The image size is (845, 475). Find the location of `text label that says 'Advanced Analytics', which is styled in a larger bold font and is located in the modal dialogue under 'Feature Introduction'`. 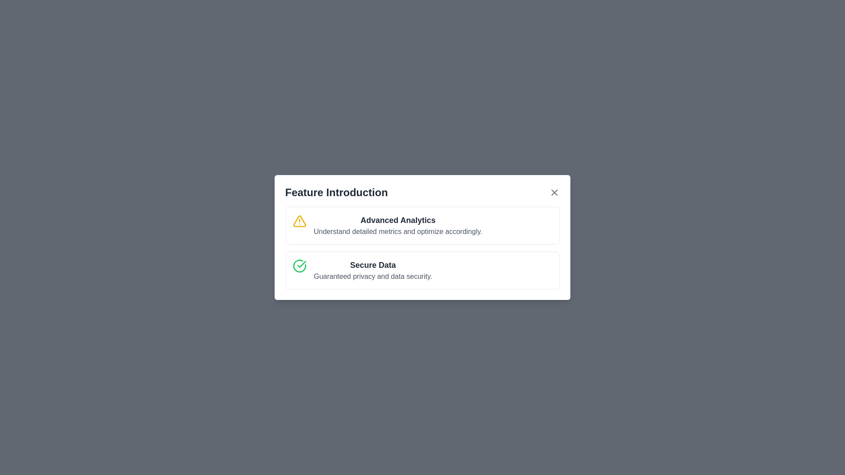

text label that says 'Advanced Analytics', which is styled in a larger bold font and is located in the modal dialogue under 'Feature Introduction' is located at coordinates (397, 220).